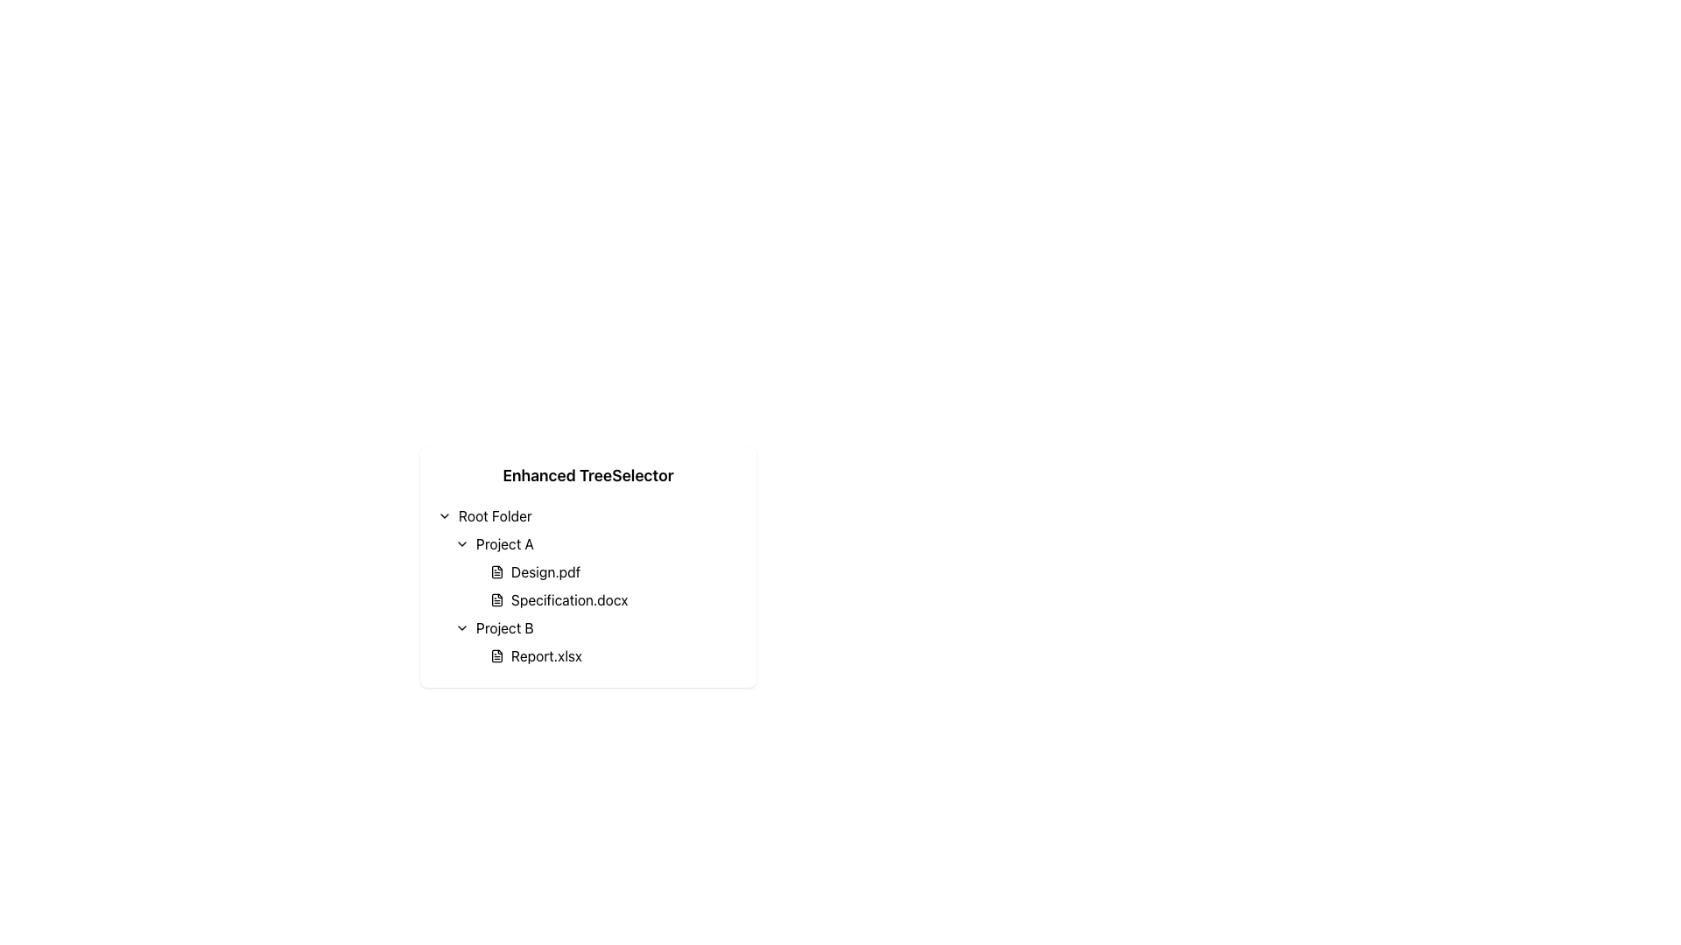 The image size is (1681, 945). What do you see at coordinates (545, 572) in the screenshot?
I see `the text label representing the file 'Design.pdf' in the hierarchical tree view under 'Project A'` at bounding box center [545, 572].